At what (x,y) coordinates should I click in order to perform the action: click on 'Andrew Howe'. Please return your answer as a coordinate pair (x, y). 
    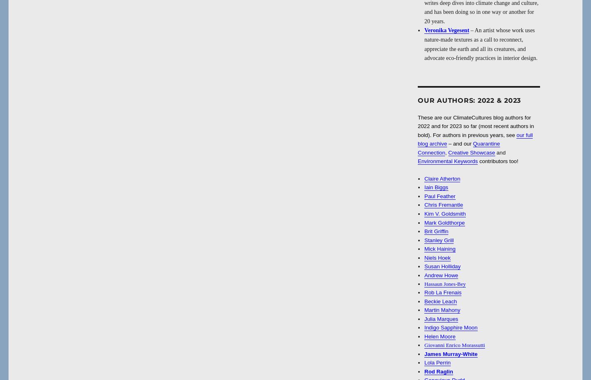
    Looking at the image, I should click on (424, 275).